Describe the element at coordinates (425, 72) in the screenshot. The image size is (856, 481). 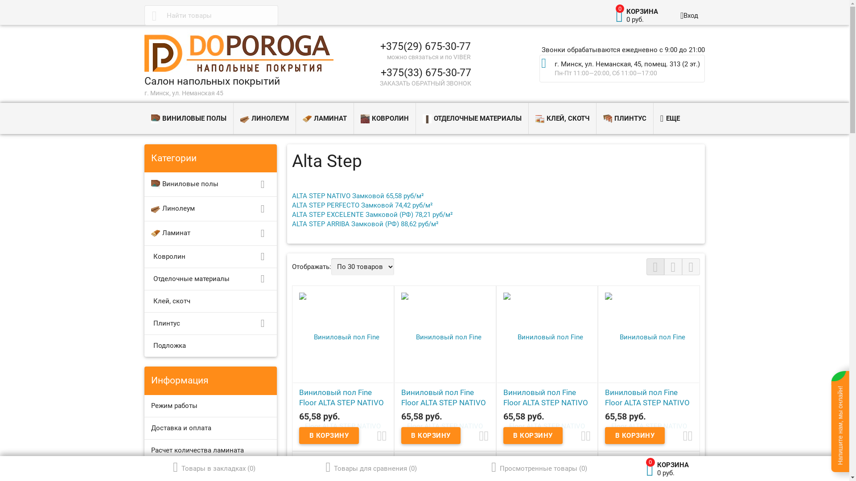
I see `'+375(33) 675-30-77'` at that location.